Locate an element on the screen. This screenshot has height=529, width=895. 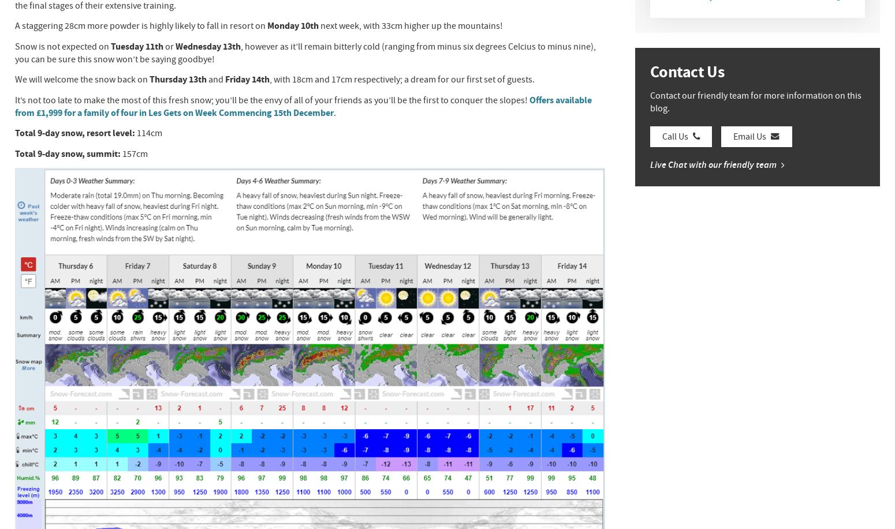
'next week, with 33cm higher up the mountains!' is located at coordinates (410, 26).